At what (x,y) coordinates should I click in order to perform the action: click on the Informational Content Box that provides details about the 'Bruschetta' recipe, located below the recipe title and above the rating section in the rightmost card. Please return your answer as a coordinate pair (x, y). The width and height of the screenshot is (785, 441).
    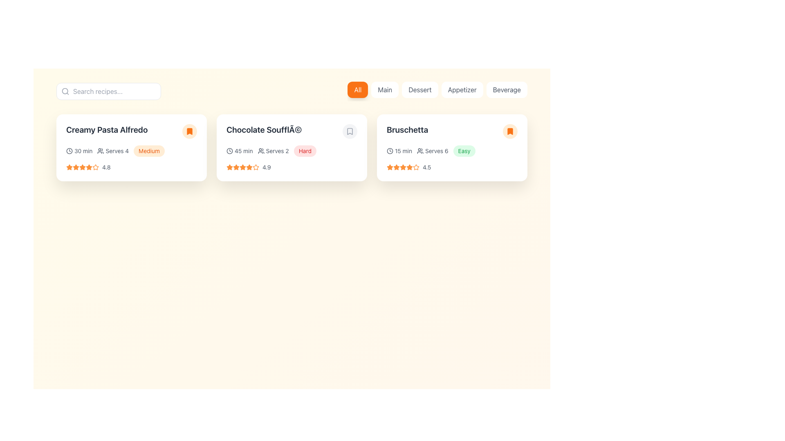
    Looking at the image, I should click on (451, 151).